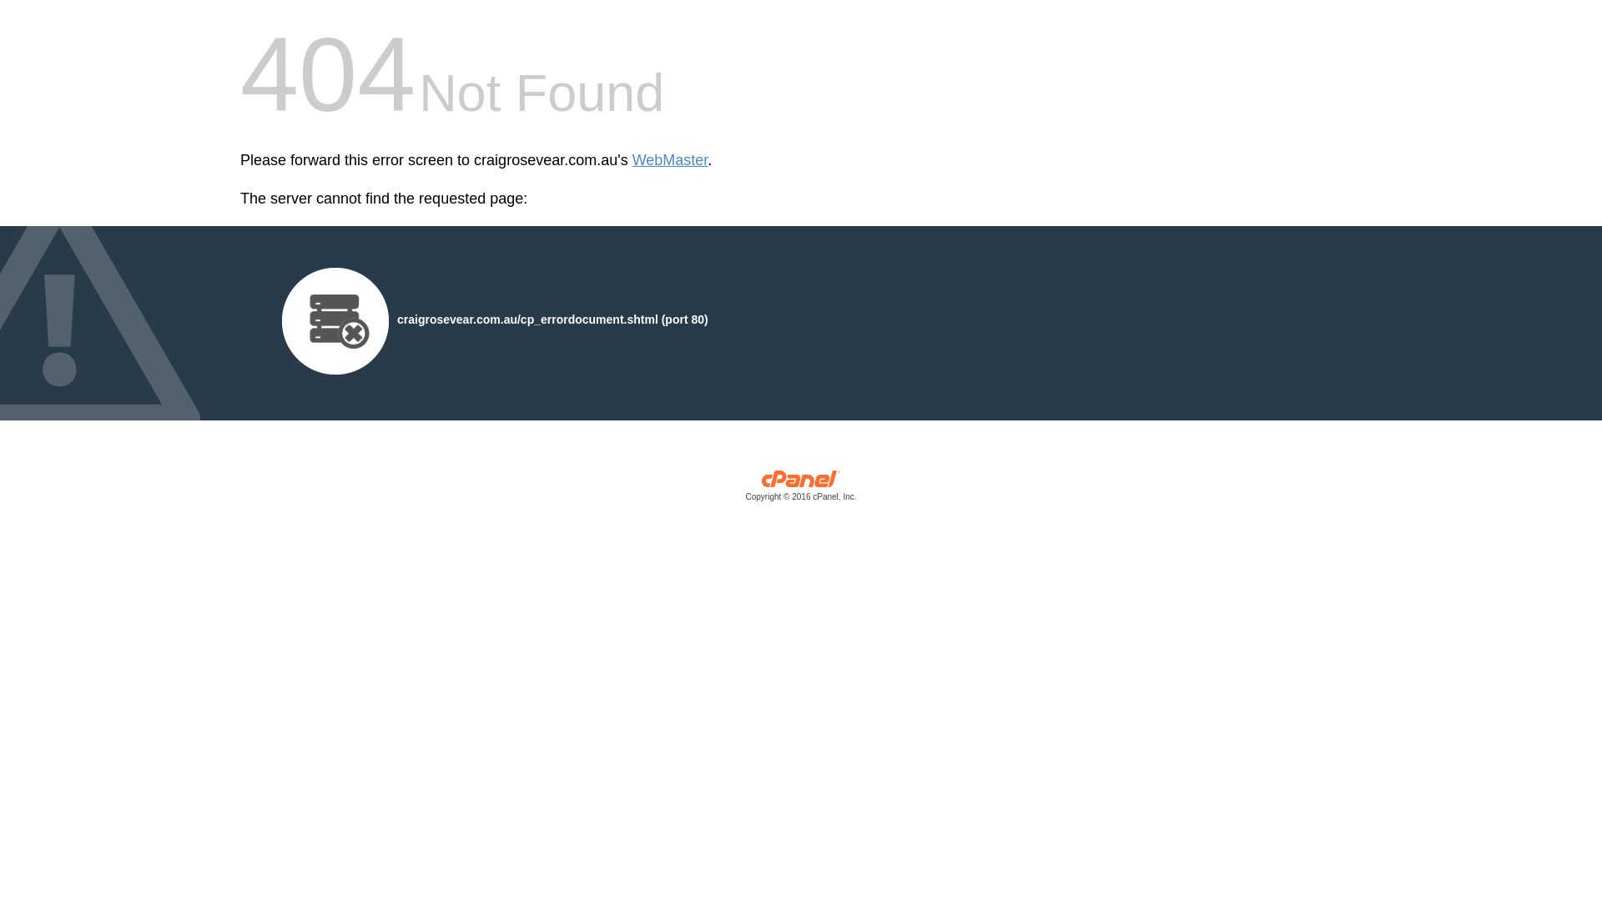 This screenshot has height=901, width=1602. I want to click on 'WebMaster', so click(670, 160).